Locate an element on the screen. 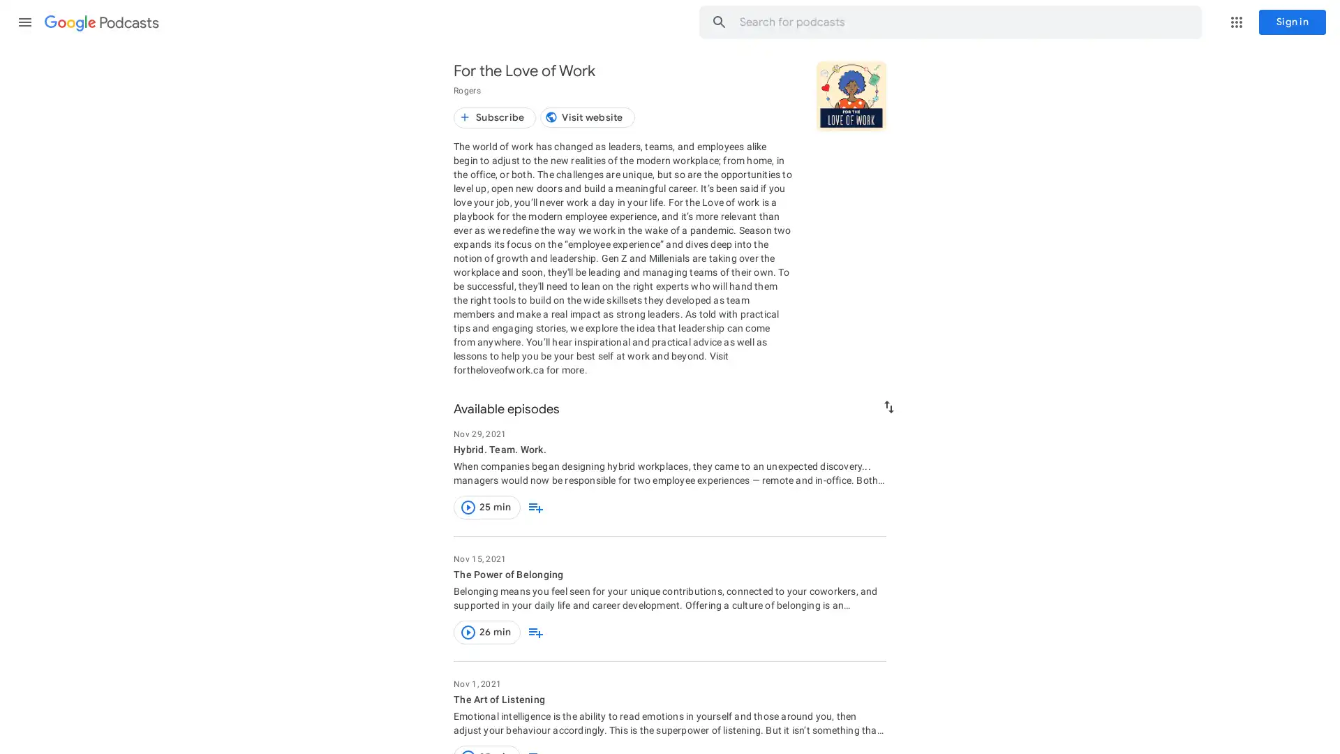 Image resolution: width=1340 pixels, height=754 pixels. Google apps is located at coordinates (1236, 22).